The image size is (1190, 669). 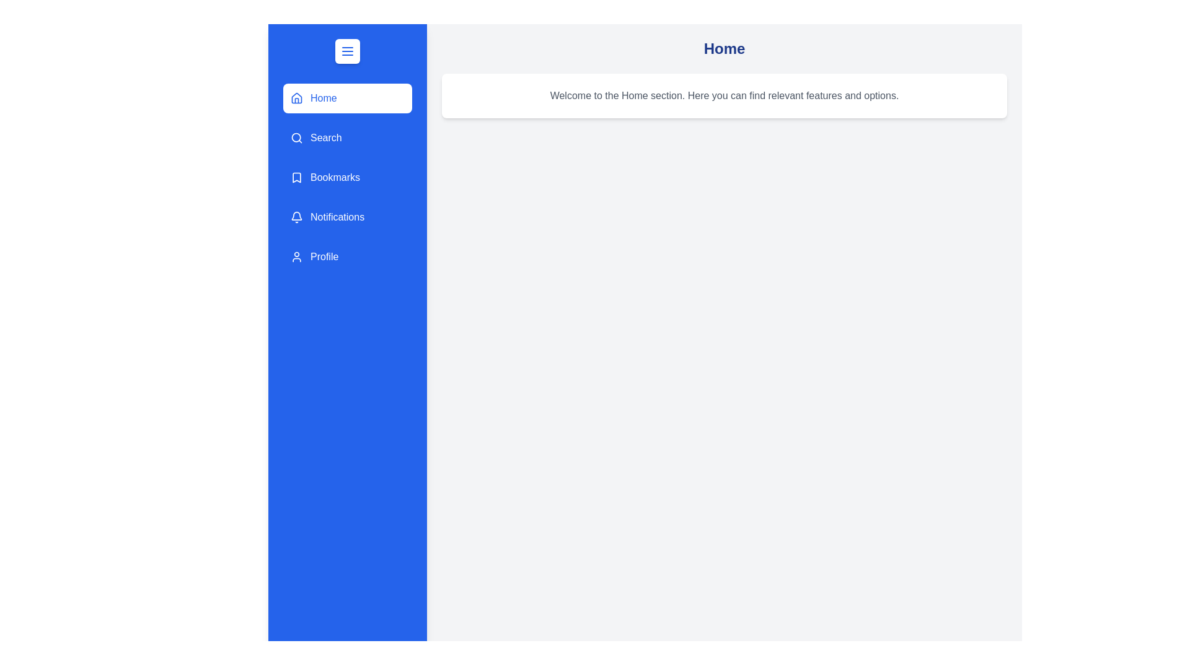 What do you see at coordinates (347, 217) in the screenshot?
I see `the menu item Notifications from the drawer` at bounding box center [347, 217].